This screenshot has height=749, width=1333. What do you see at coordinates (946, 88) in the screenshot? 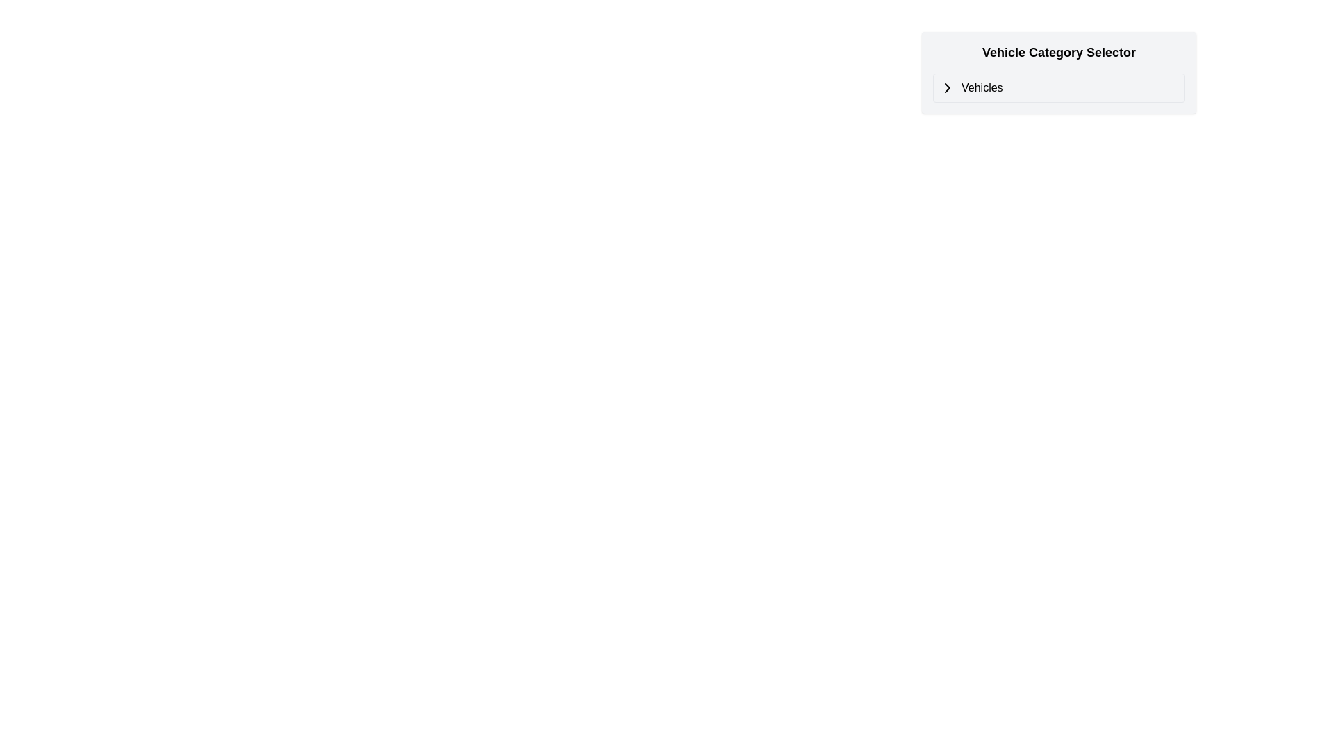
I see `the right-facing chevron icon within the dropdown menu labeled 'Vehicle Category Selector', located next to the text label 'Vehicles'` at bounding box center [946, 88].